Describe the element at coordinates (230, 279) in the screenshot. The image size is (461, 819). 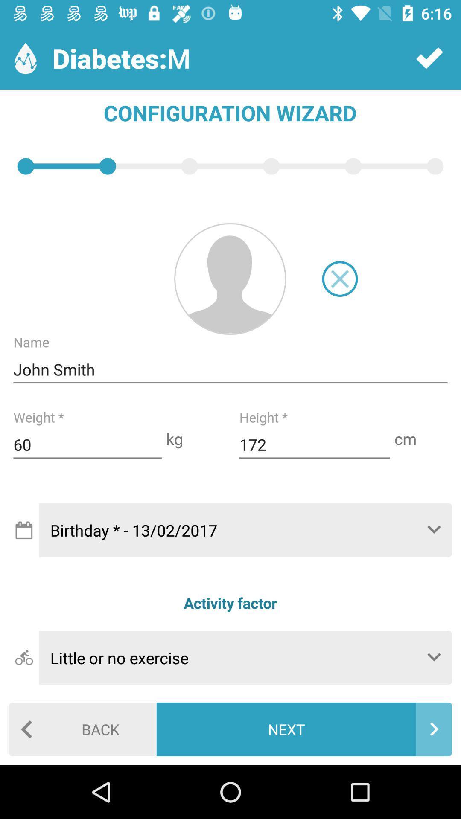
I see `profile picture` at that location.